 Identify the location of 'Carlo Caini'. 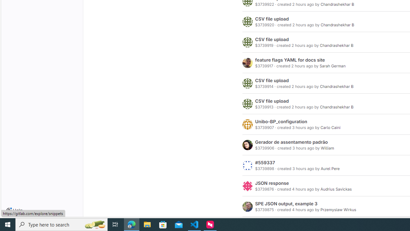
(330, 128).